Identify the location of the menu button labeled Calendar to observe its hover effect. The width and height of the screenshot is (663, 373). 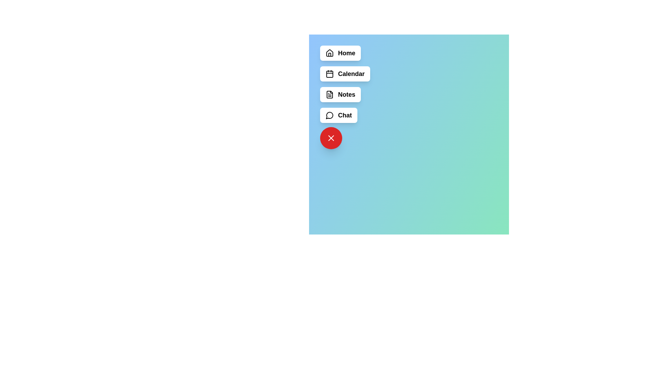
(345, 74).